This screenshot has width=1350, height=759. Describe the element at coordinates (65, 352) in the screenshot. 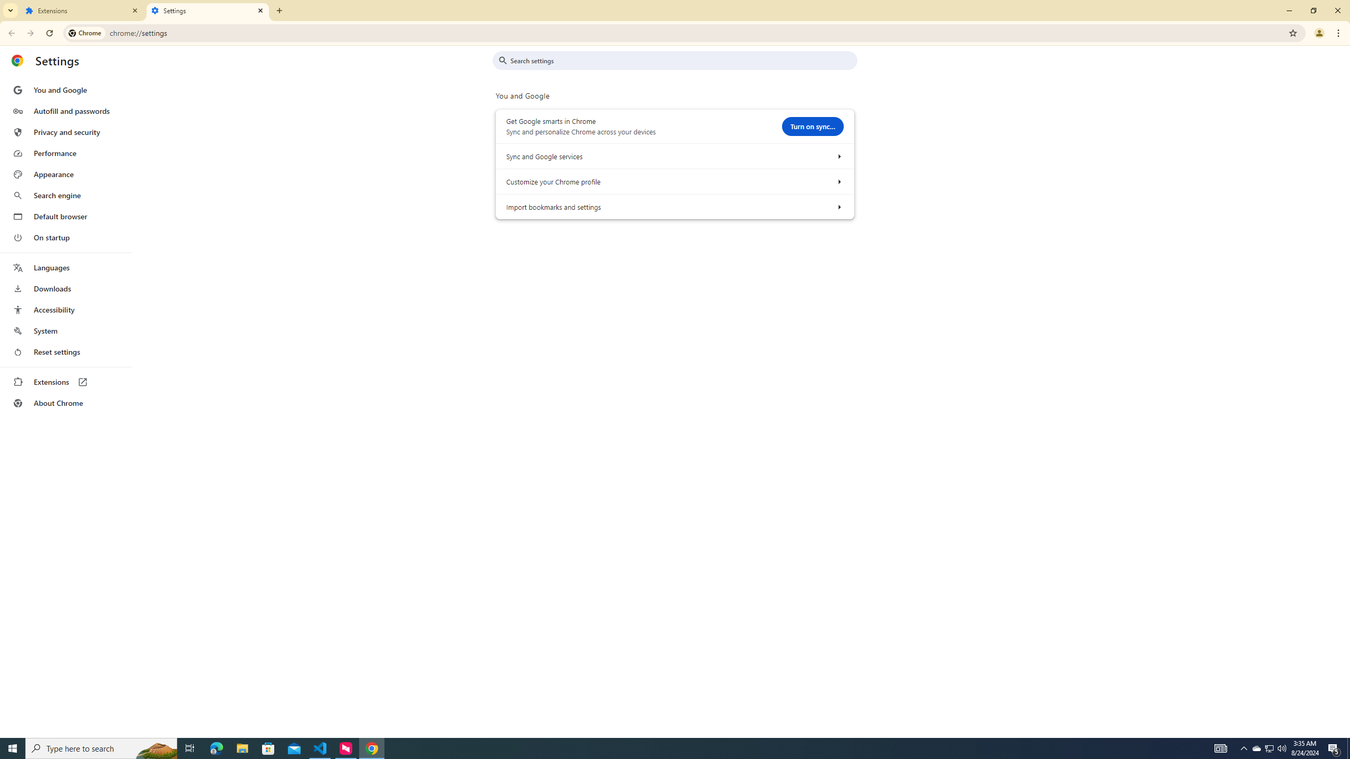

I see `'Reset settings'` at that location.